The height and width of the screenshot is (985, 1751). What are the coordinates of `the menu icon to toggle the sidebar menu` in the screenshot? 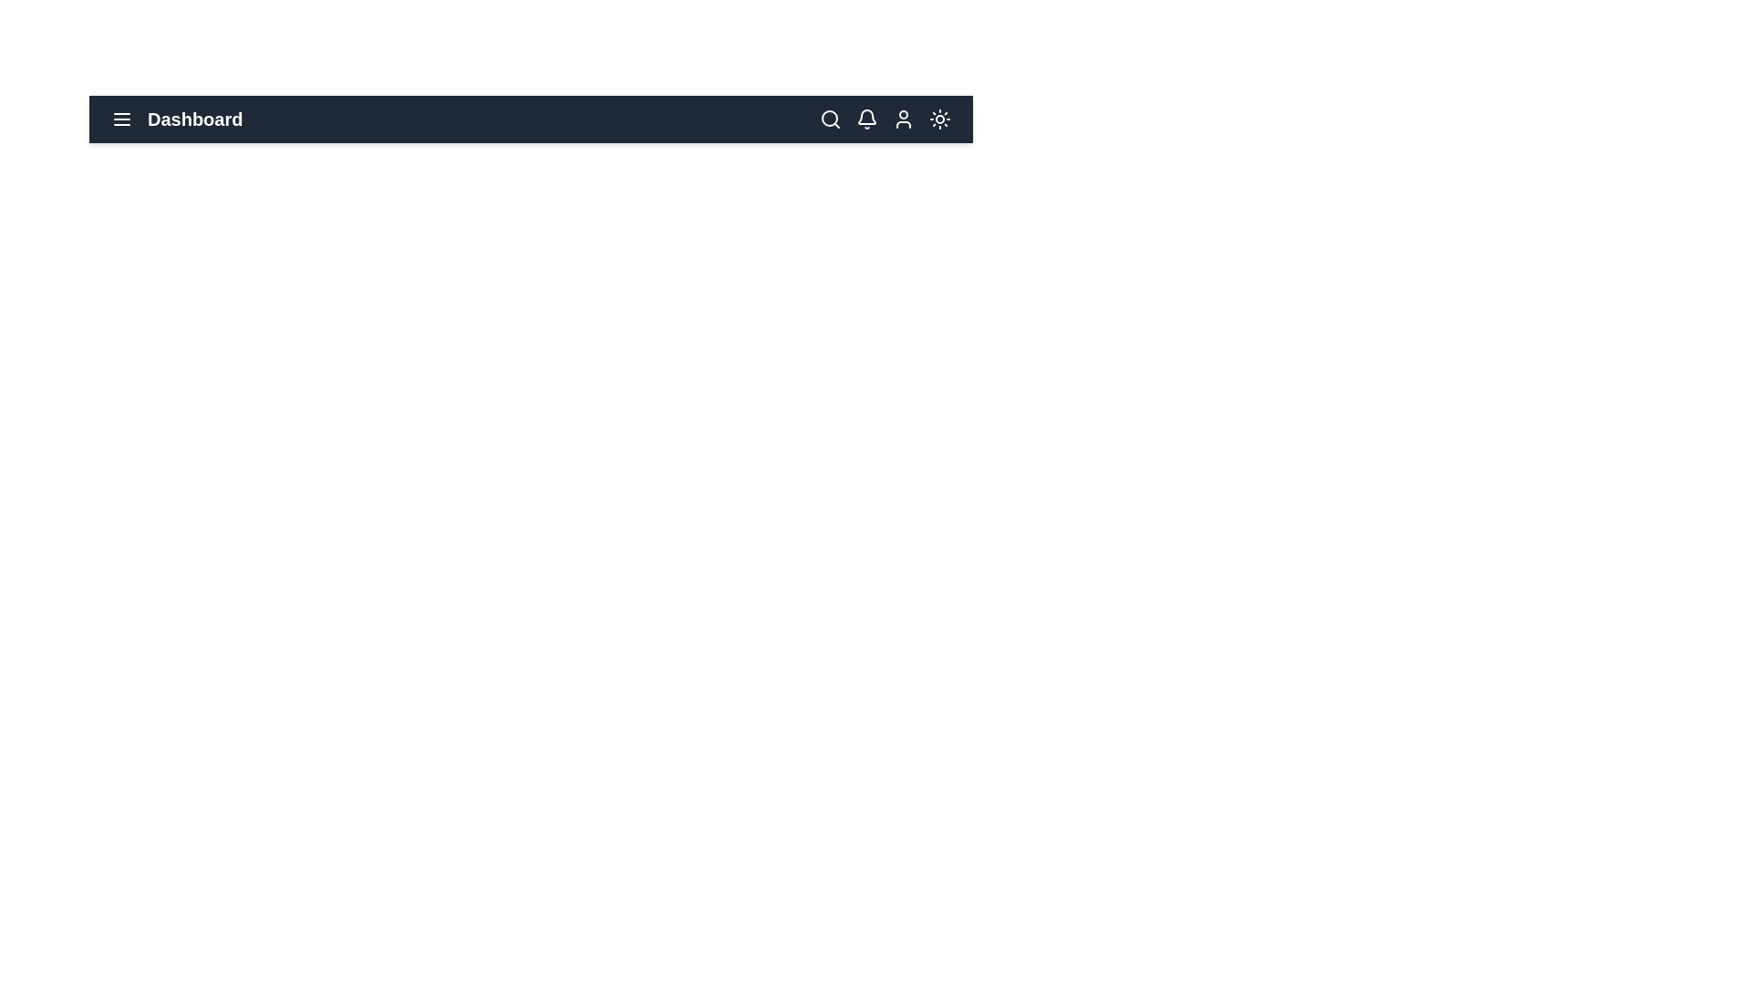 It's located at (121, 119).